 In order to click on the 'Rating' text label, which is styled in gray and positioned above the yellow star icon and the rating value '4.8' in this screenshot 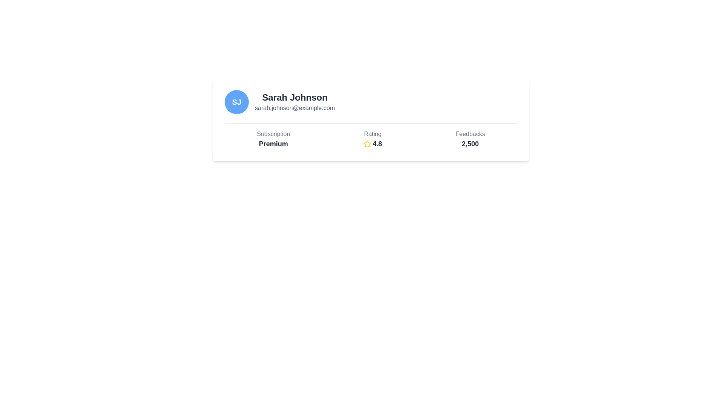, I will do `click(373, 133)`.